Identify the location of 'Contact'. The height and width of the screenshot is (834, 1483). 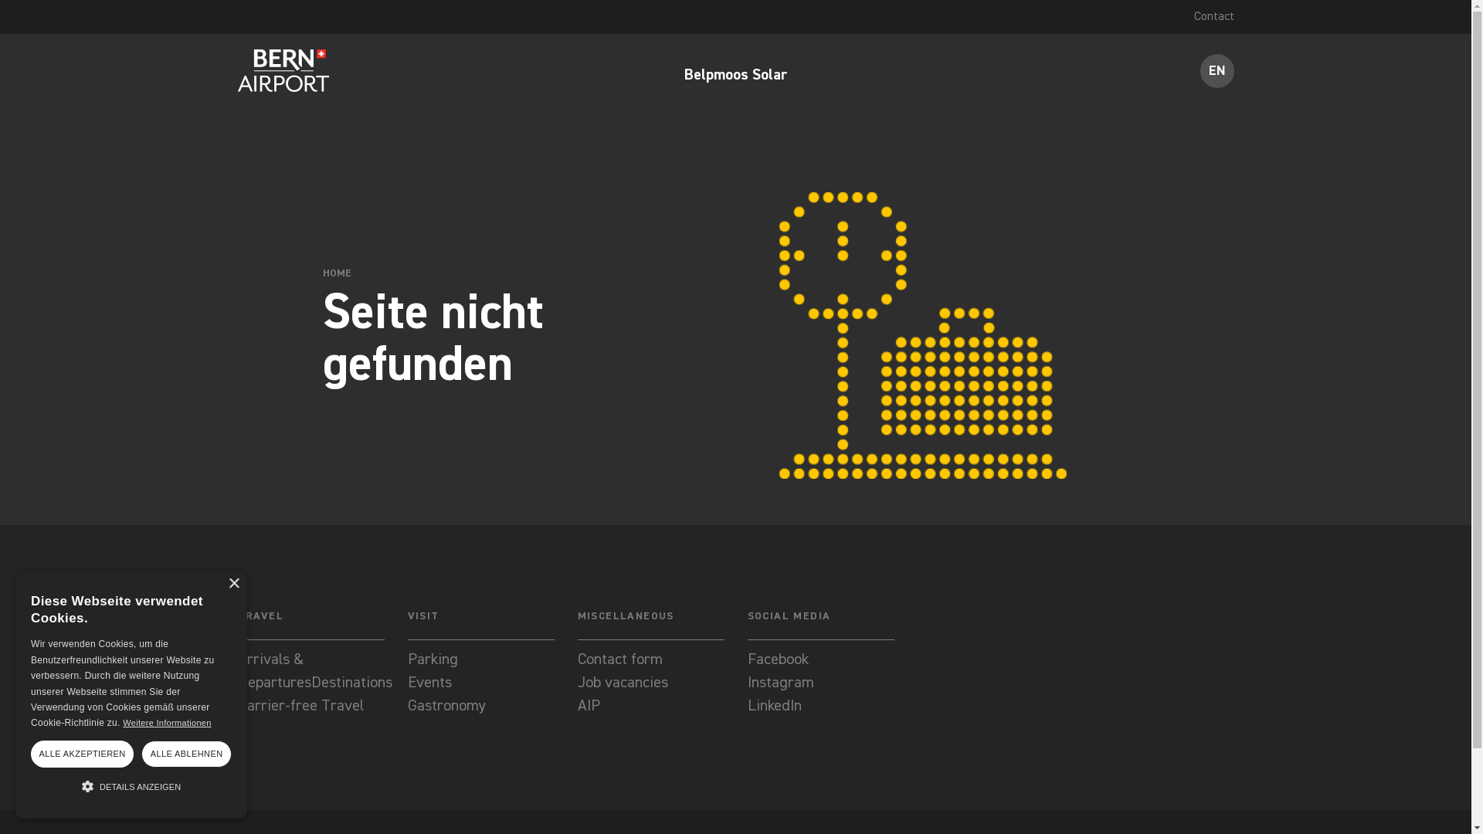
(1213, 17).